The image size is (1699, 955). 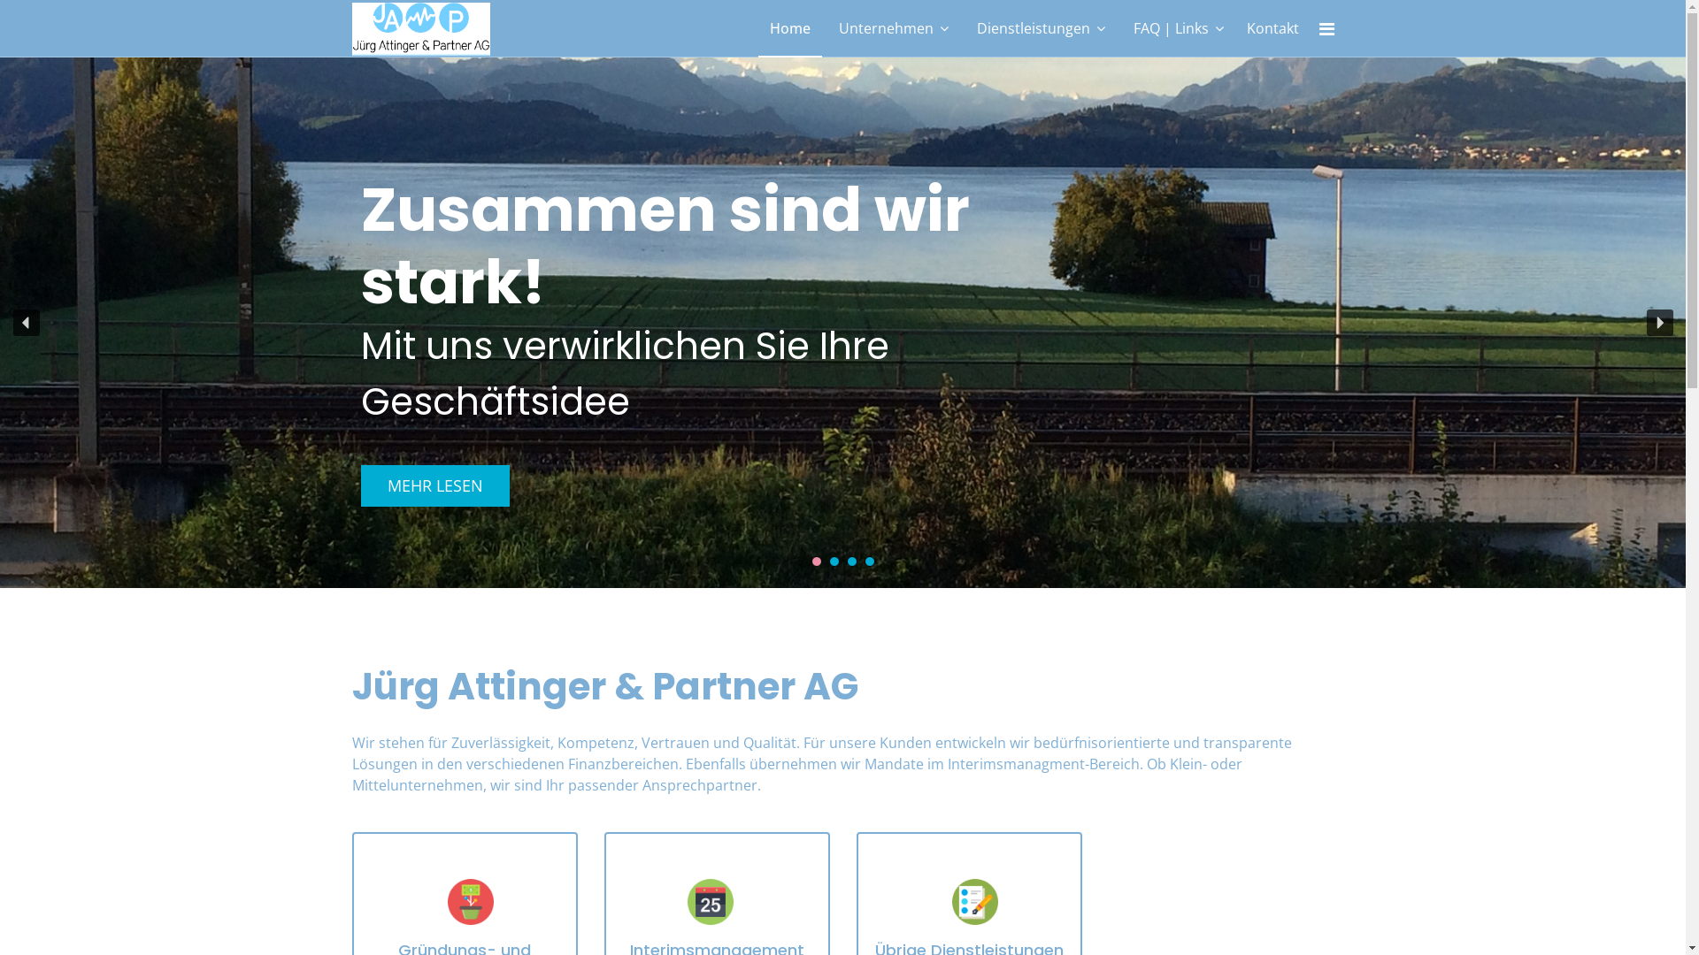 What do you see at coordinates (1040, 28) in the screenshot?
I see `'Dienstleistungen'` at bounding box center [1040, 28].